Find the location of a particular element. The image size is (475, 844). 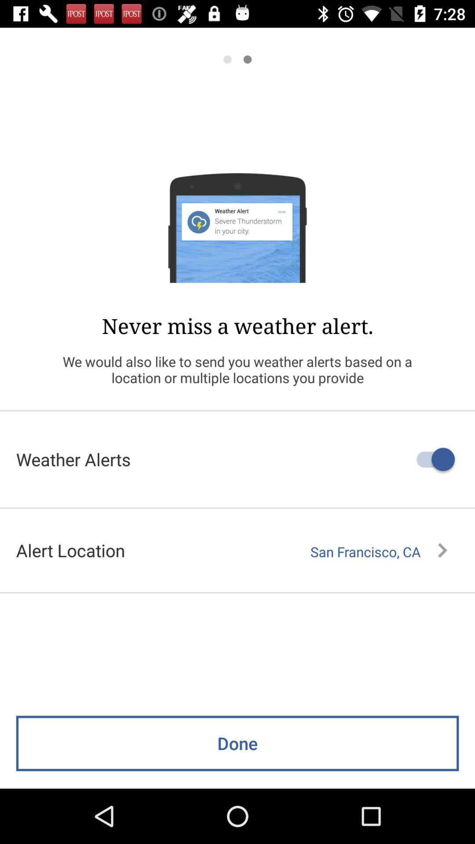

san francisco, ca icon is located at coordinates (378, 551).